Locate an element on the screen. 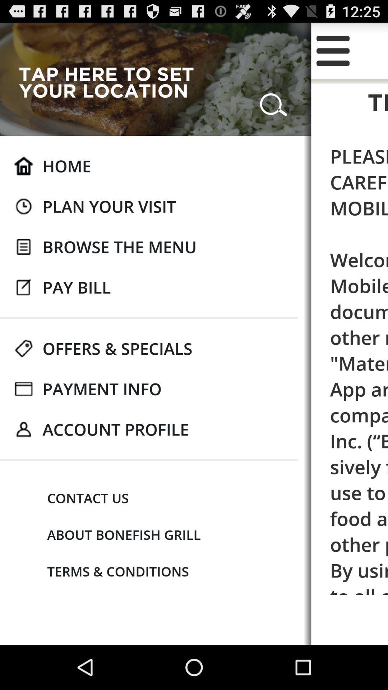 Image resolution: width=388 pixels, height=690 pixels. the tap here to app is located at coordinates (112, 82).